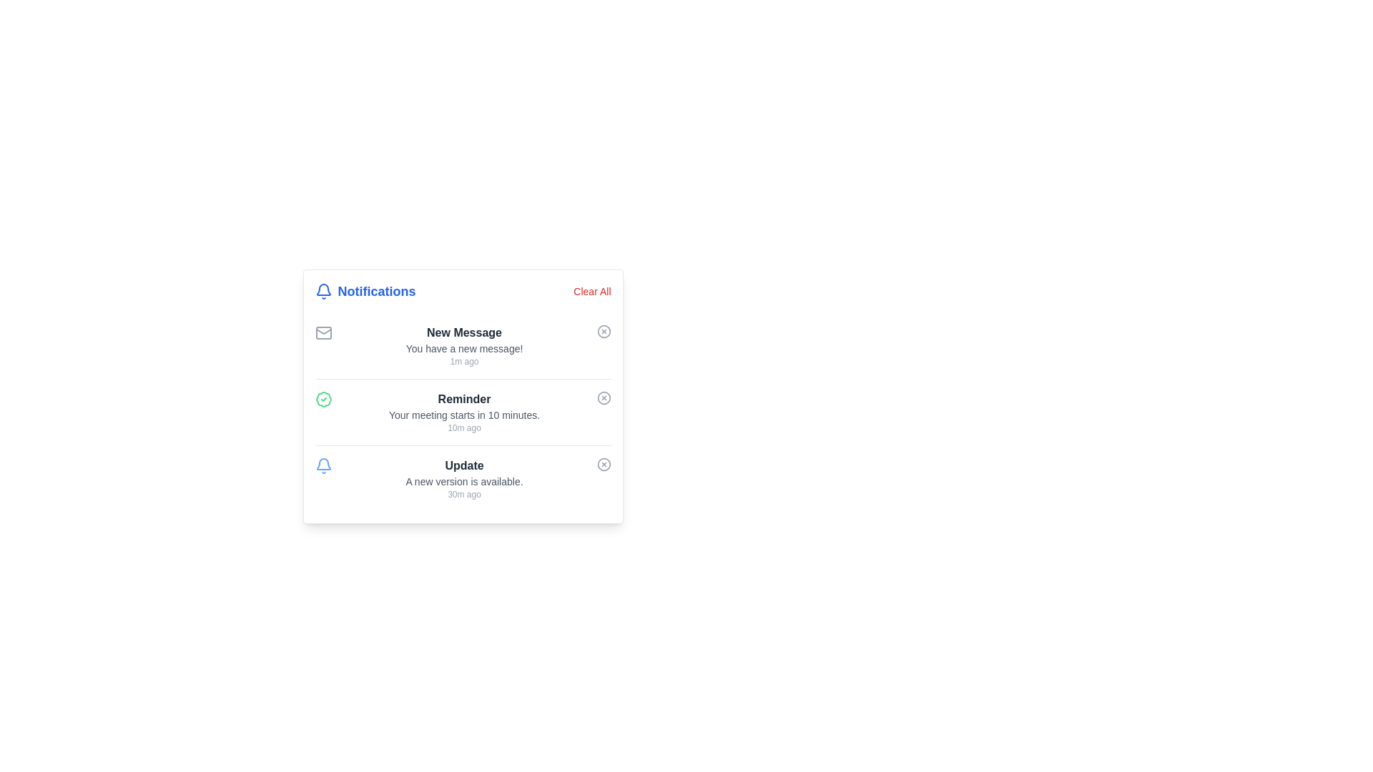 Image resolution: width=1373 pixels, height=772 pixels. Describe the element at coordinates (463, 478) in the screenshot. I see `the third notification entry in the notification panel, which serves to notify the user about a recent update` at that location.